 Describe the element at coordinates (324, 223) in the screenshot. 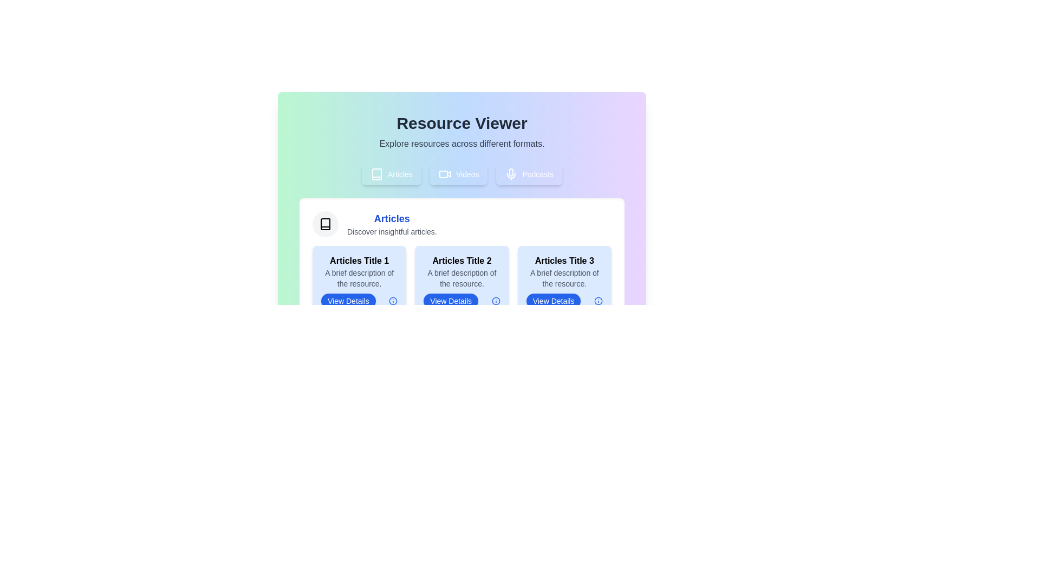

I see `the Icon button representing articles, located near the top-left corner of the main content area, adjacent to the title 'Articles'` at that location.